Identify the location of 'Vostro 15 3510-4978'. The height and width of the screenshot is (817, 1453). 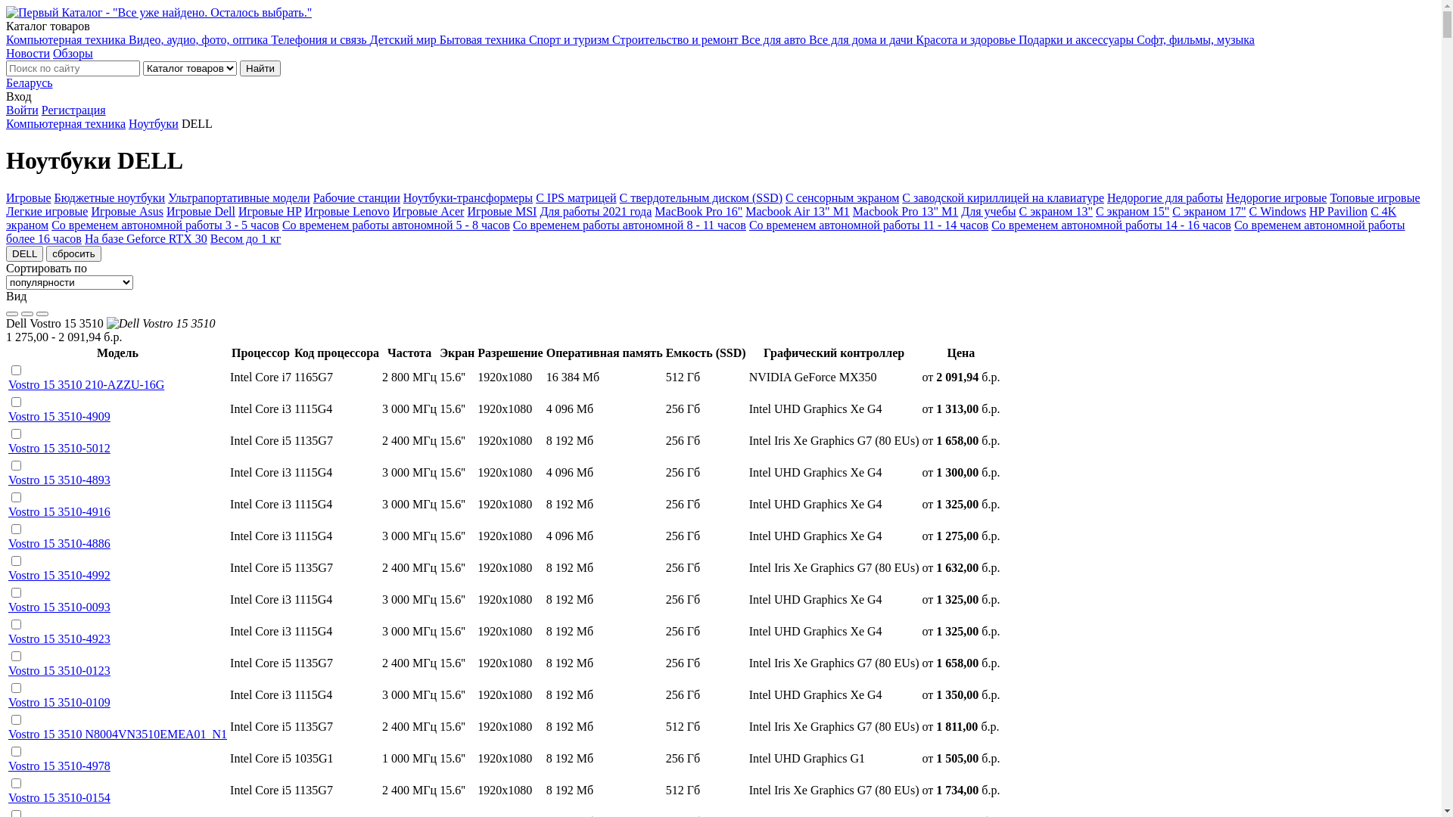
(59, 766).